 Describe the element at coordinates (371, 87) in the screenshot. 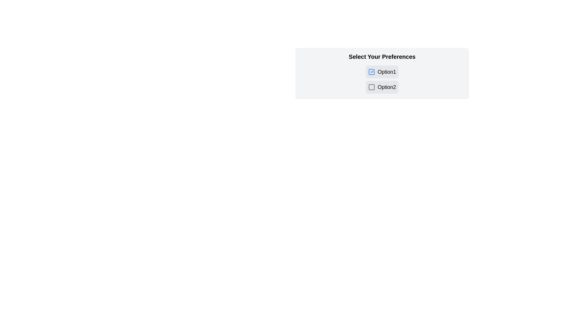

I see `the non-interactive checkbox located to the left of the text label in the 'Option 2' component, which is the second checkbox in a vertical arrangement` at that location.